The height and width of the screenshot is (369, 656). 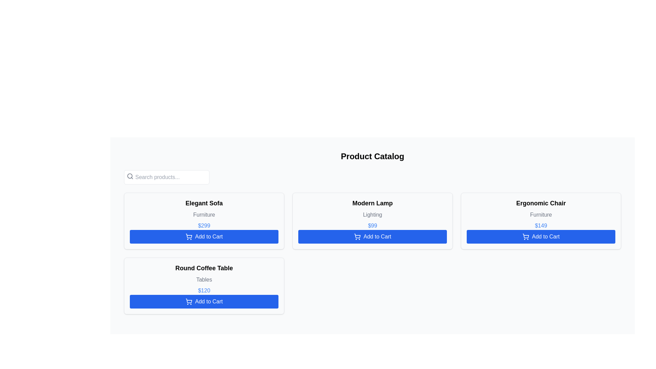 What do you see at coordinates (130, 176) in the screenshot?
I see `the search icon element located inside the search bar area, positioned on the left side adjacent to the input text field placeholder 'Search products...'` at bounding box center [130, 176].